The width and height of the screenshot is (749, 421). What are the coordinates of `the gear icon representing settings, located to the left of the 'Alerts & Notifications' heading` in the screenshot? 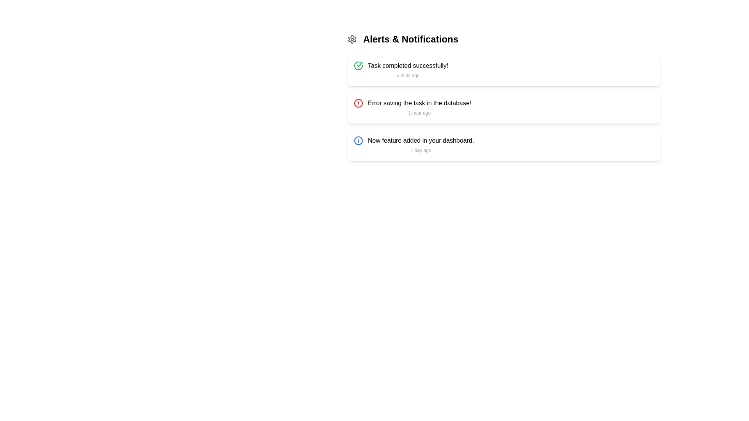 It's located at (351, 39).